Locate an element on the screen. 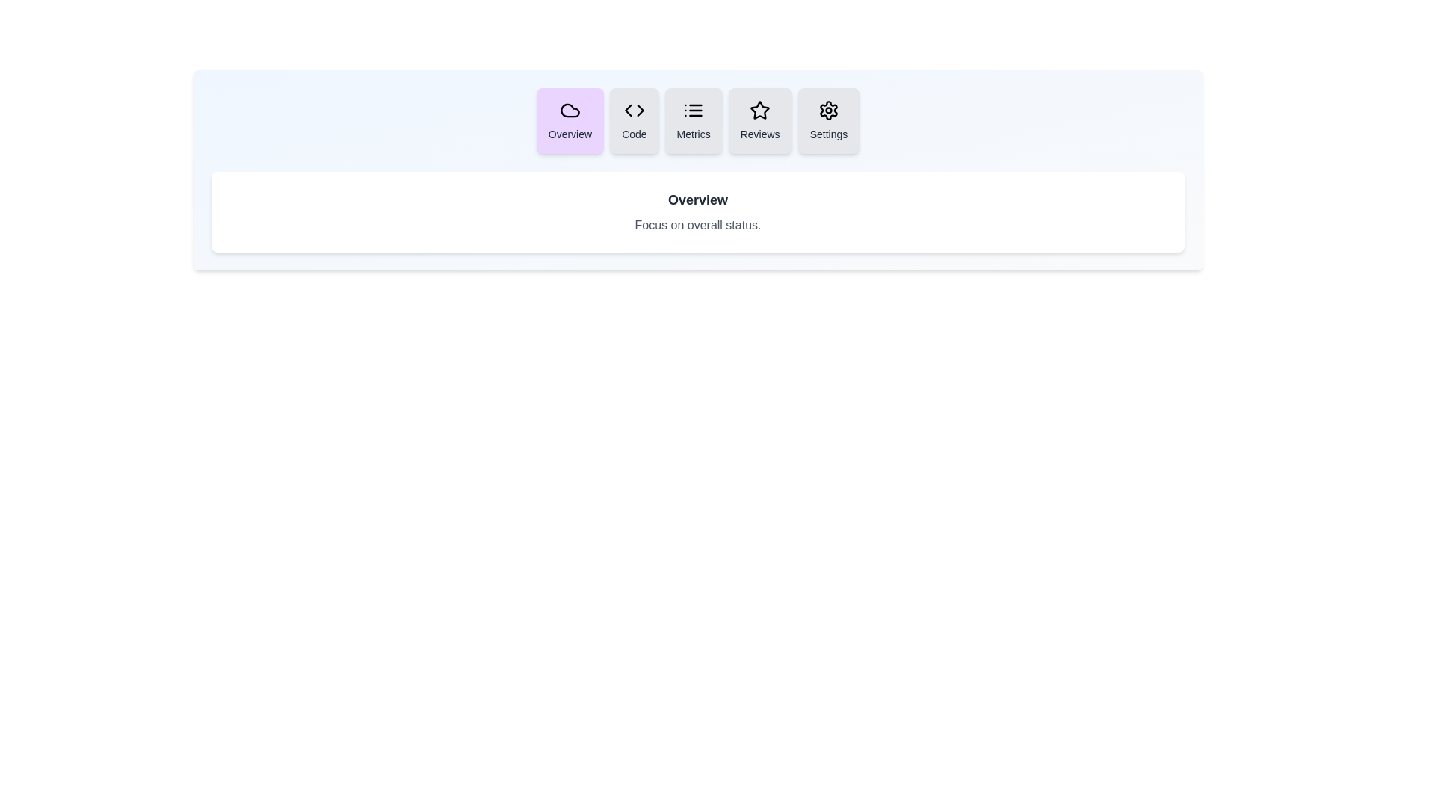 This screenshot has height=807, width=1435. the tab button labeled Reviews to see the hover effect is located at coordinates (760, 120).